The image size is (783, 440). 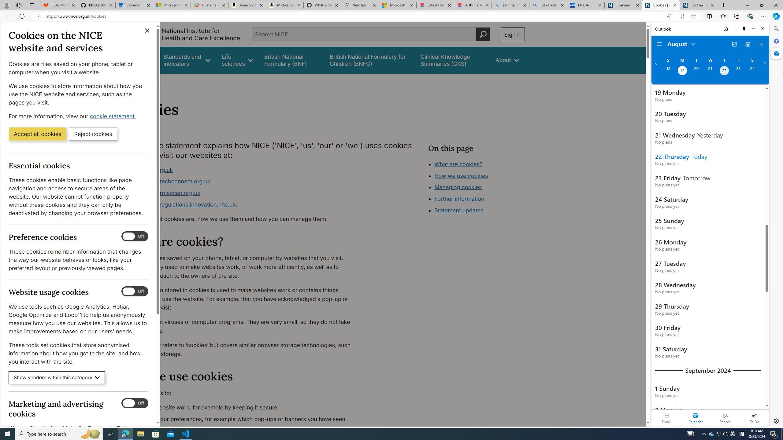 I want to click on 'August', so click(x=681, y=43).